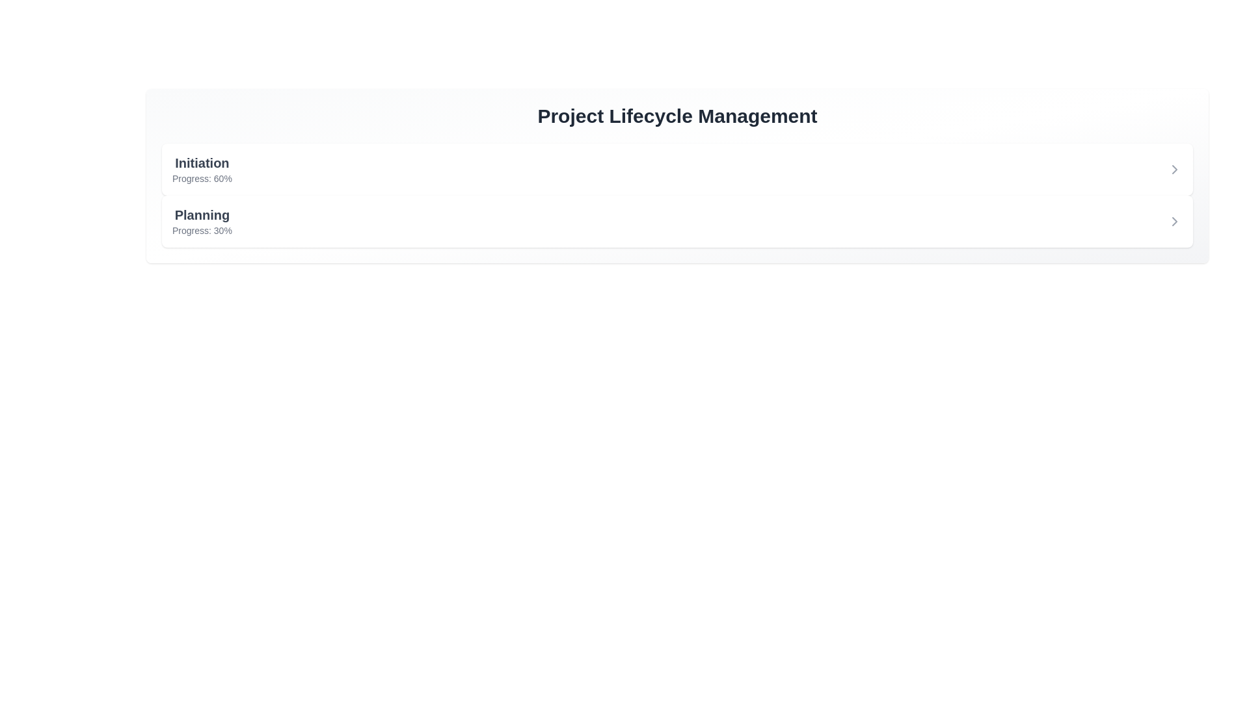 Image resolution: width=1249 pixels, height=702 pixels. What do you see at coordinates (201, 229) in the screenshot?
I see `the text label displaying 'Progress: 30%', which is located below the header 'Planning' in the Project Lifecycle Management section` at bounding box center [201, 229].